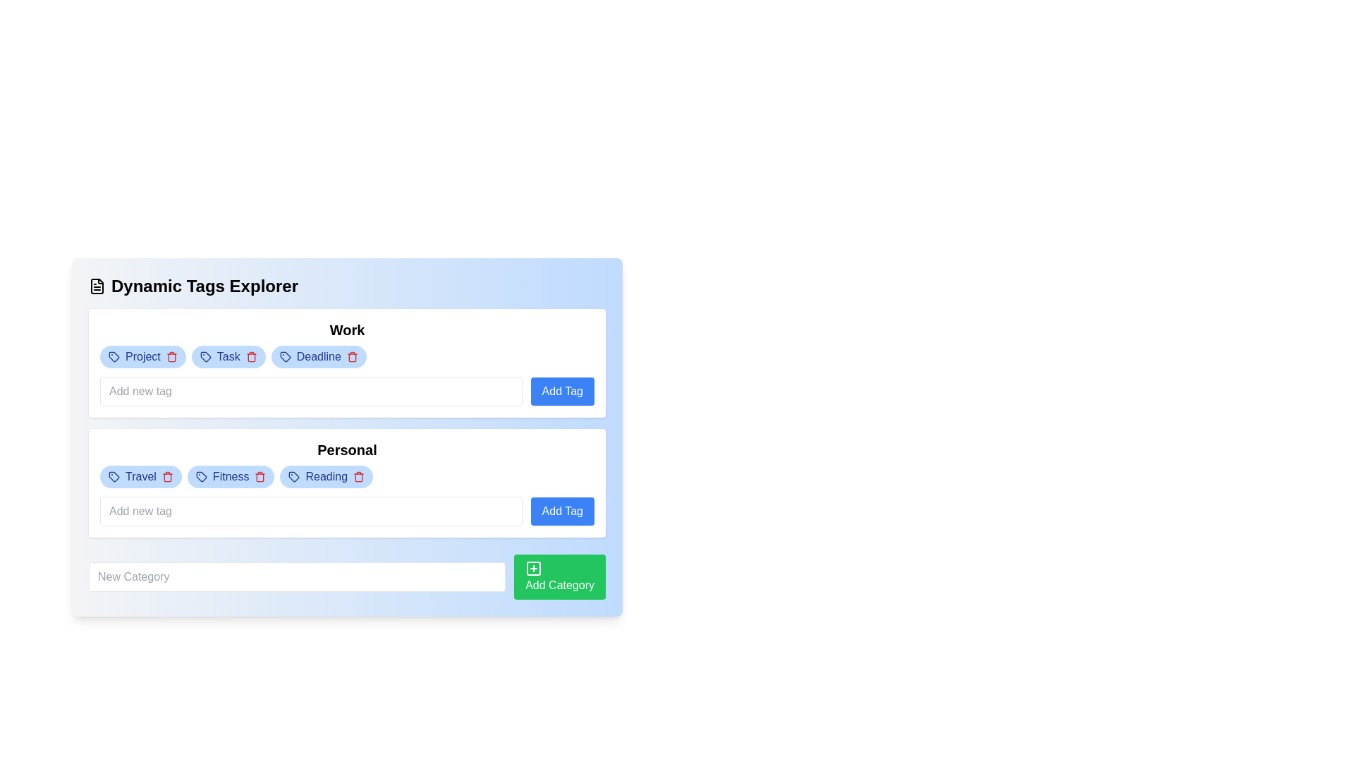  What do you see at coordinates (561, 512) in the screenshot?
I see `the 'Add Tag' button, which is a rectangular button with white text on a blue background, located to the right of a text input field below the 'Personal' heading` at bounding box center [561, 512].